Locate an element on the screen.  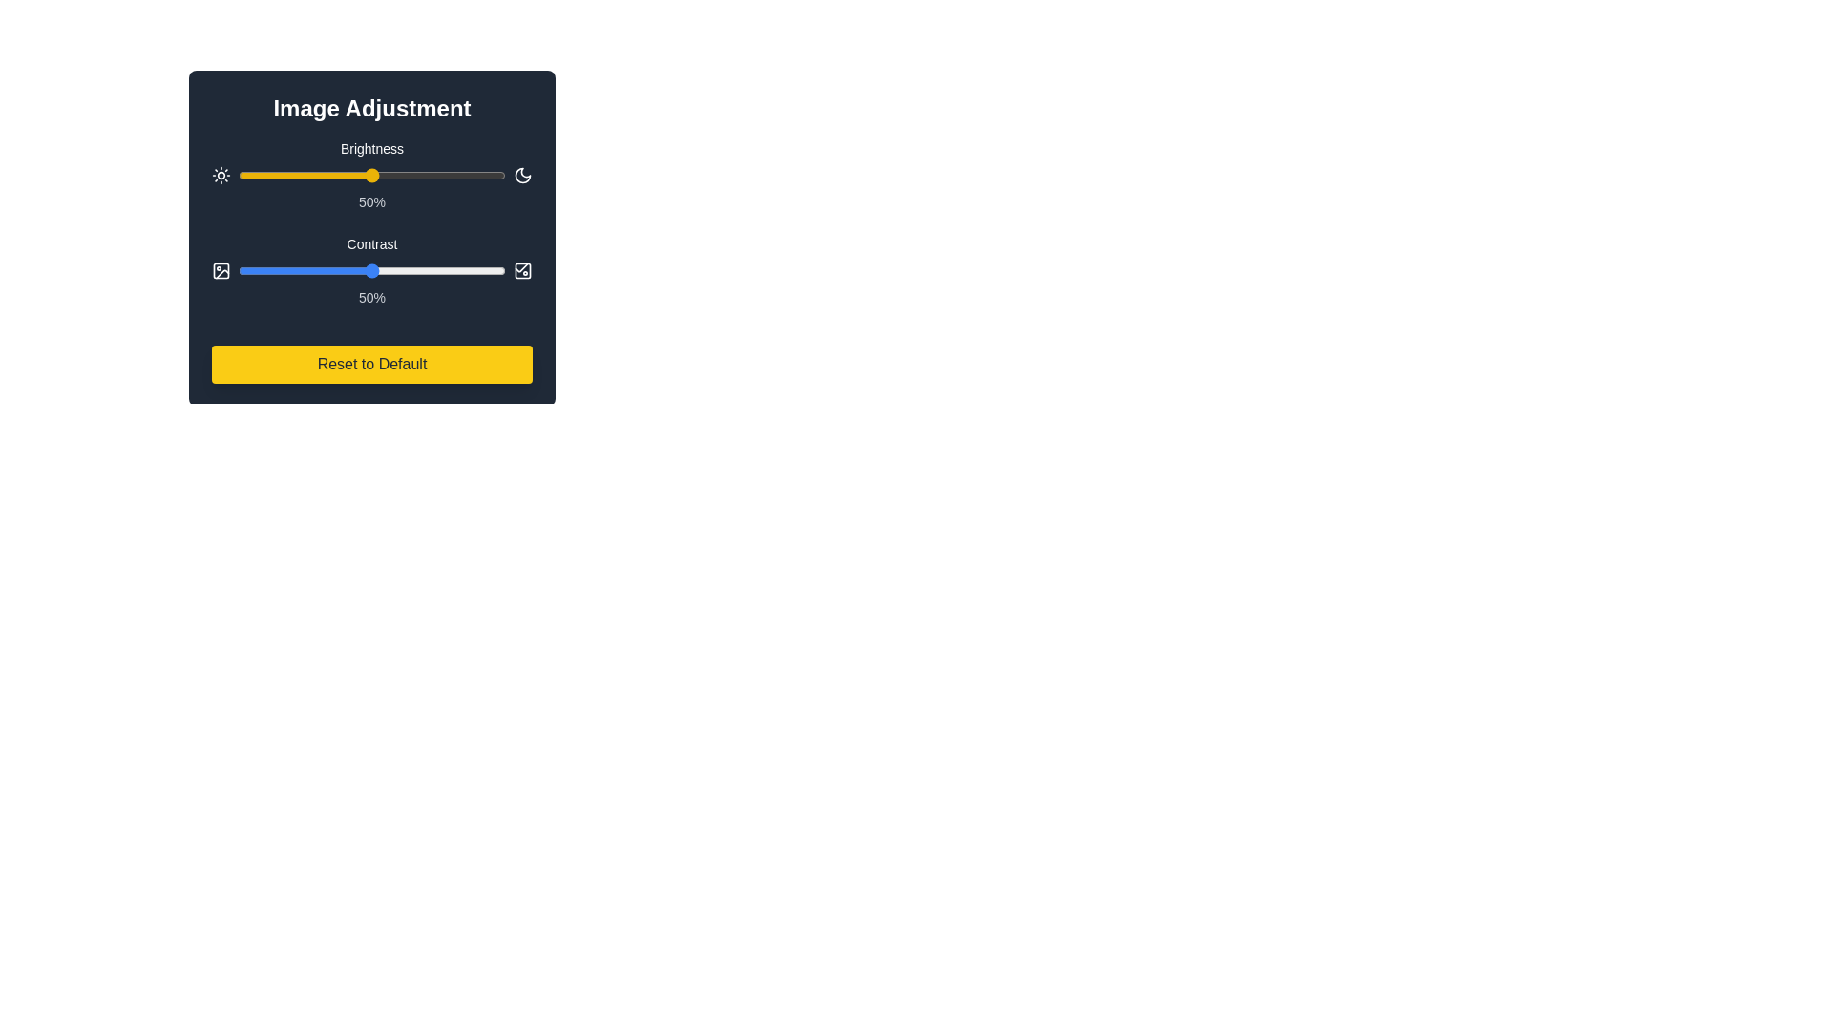
the brightness is located at coordinates (242, 176).